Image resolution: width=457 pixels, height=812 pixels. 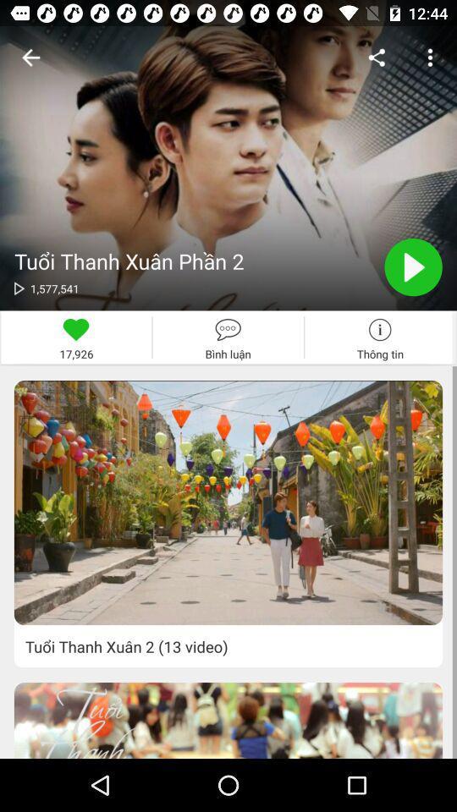 I want to click on the play icon, so click(x=412, y=267).